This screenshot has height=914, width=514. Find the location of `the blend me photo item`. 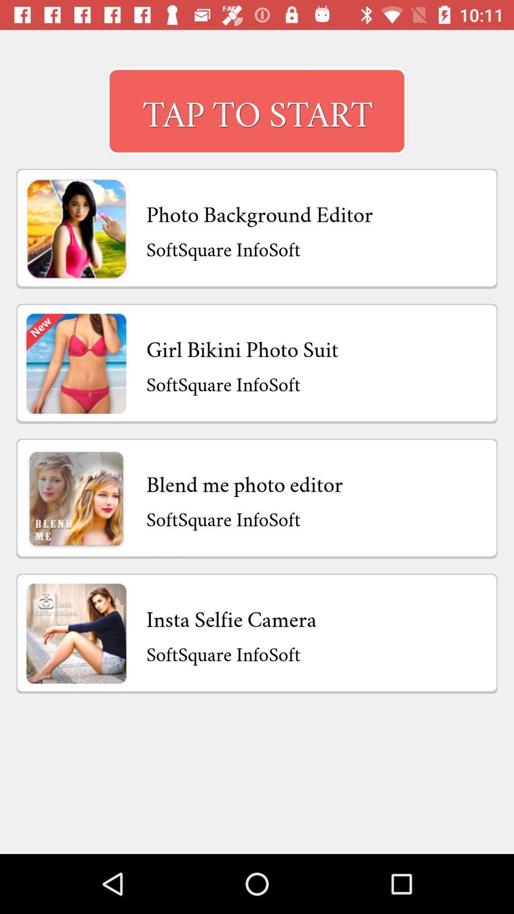

the blend me photo item is located at coordinates (244, 482).